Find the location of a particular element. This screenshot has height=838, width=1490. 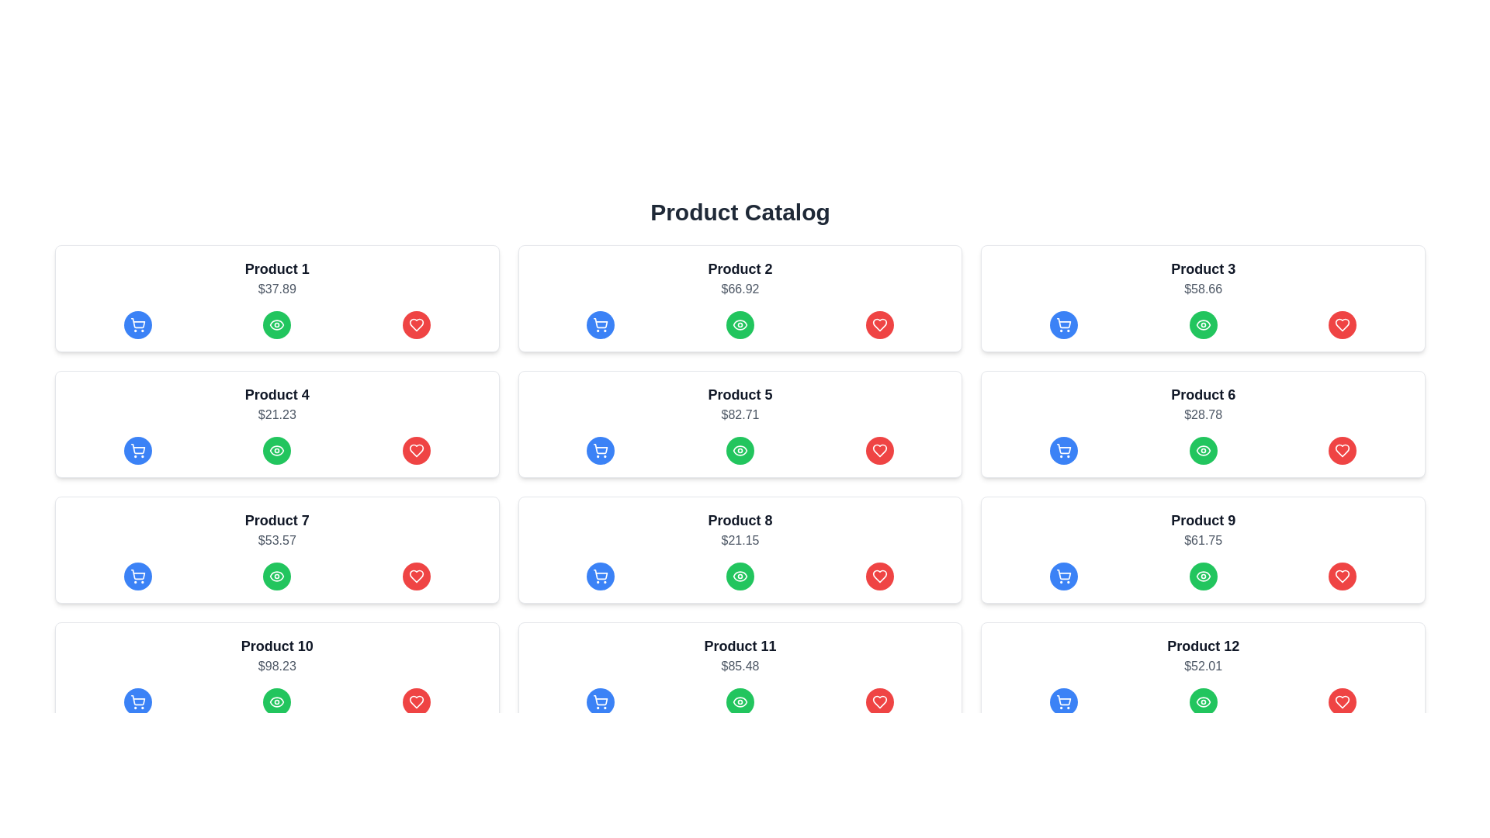

the text label reading 'Product 2', which is prominently displayed in bold, large dark gray font at the top-center of its product card in the second column of the first row of the product catalog grid is located at coordinates (740, 268).